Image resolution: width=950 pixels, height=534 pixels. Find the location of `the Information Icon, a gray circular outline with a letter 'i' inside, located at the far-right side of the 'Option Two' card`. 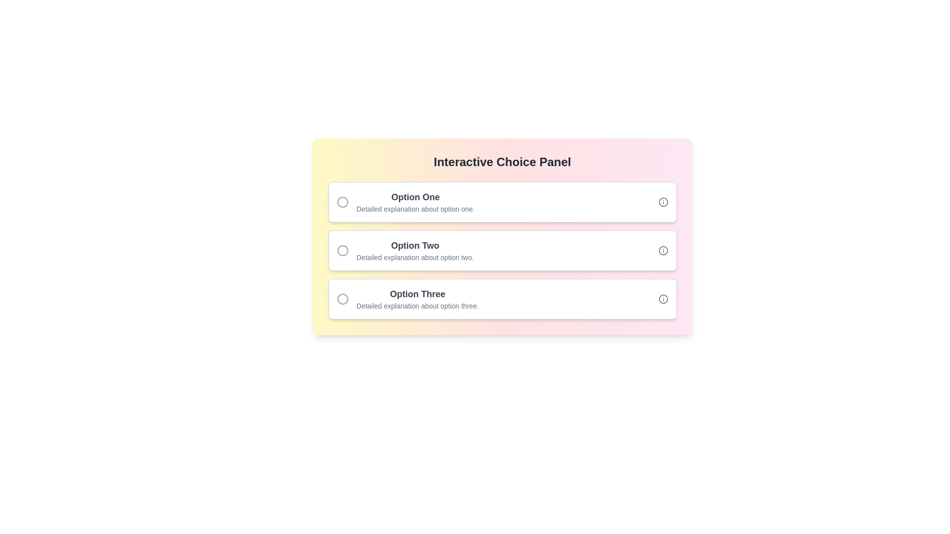

the Information Icon, a gray circular outline with a letter 'i' inside, located at the far-right side of the 'Option Two' card is located at coordinates (663, 250).